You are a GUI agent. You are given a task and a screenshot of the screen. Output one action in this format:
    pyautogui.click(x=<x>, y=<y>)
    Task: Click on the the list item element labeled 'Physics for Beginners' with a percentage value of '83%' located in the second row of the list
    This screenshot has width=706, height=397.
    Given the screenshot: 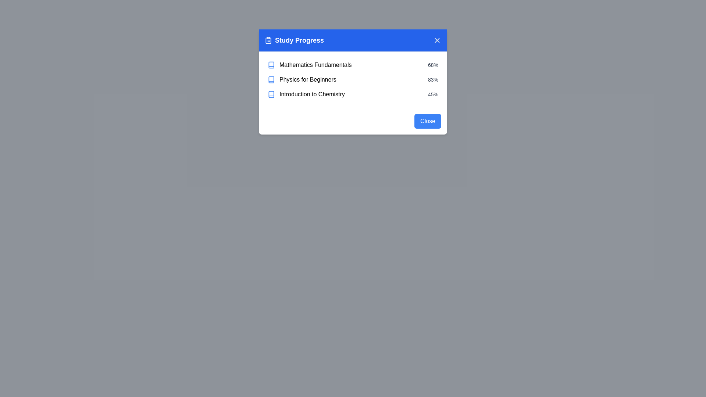 What is the action you would take?
    pyautogui.click(x=353, y=79)
    